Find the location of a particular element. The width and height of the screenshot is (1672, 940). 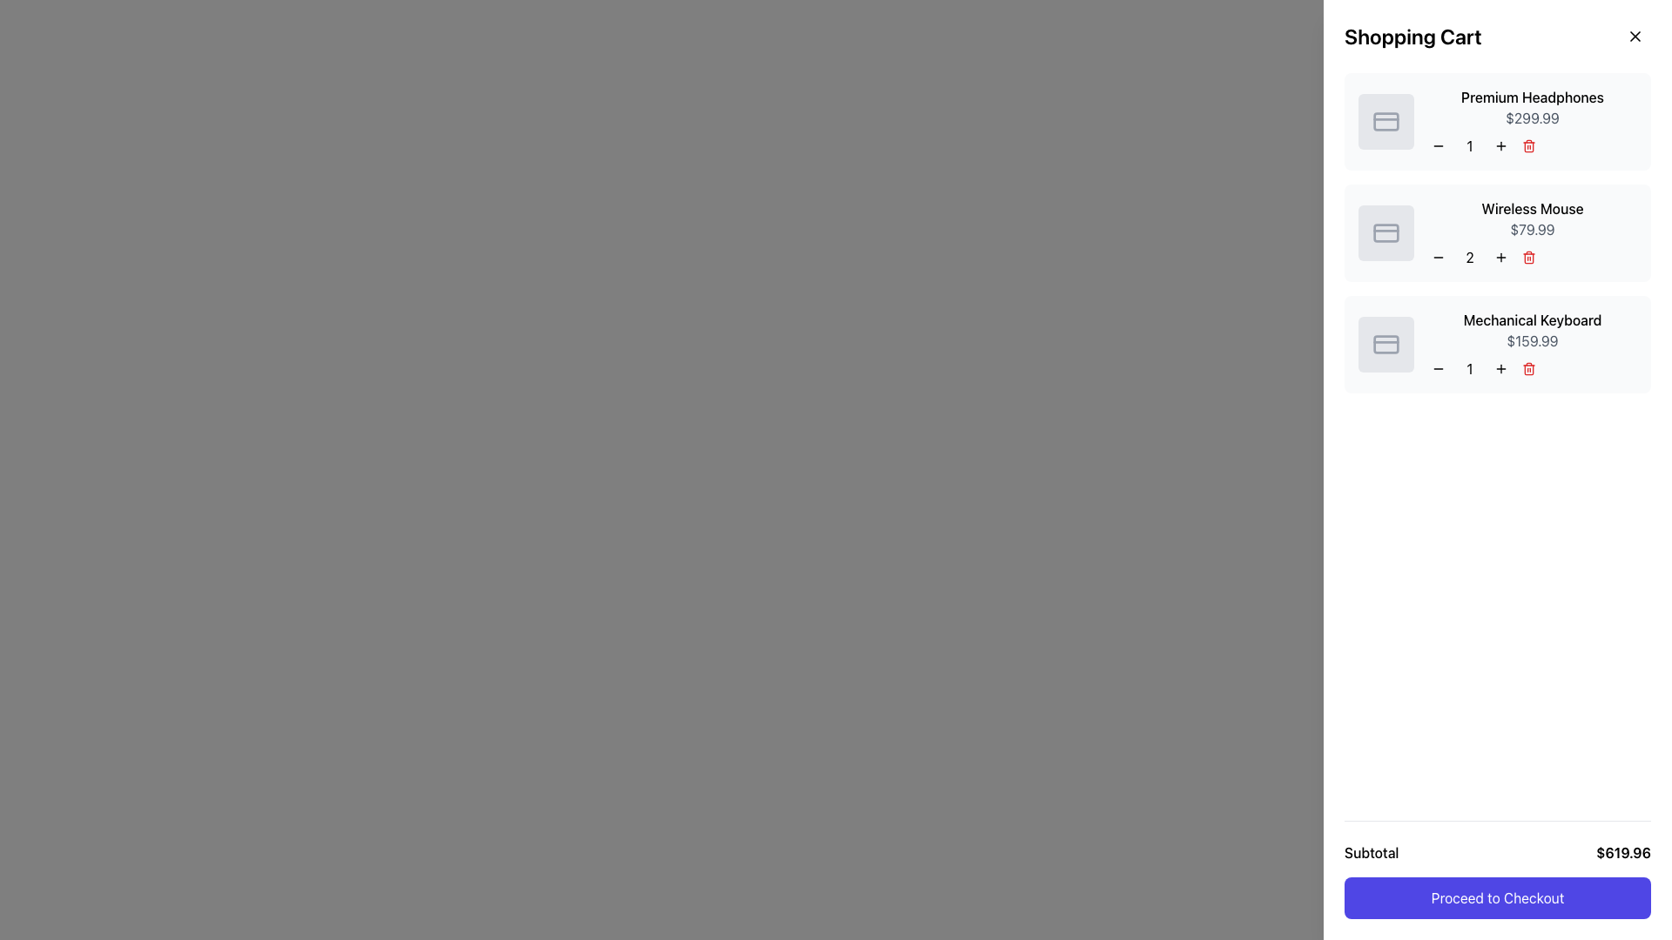

the bold numerical text '2' display in the cart interface, located in the second row for the 'Wireless Mouse' item, positioned between the minus and plus buttons is located at coordinates (1469, 258).